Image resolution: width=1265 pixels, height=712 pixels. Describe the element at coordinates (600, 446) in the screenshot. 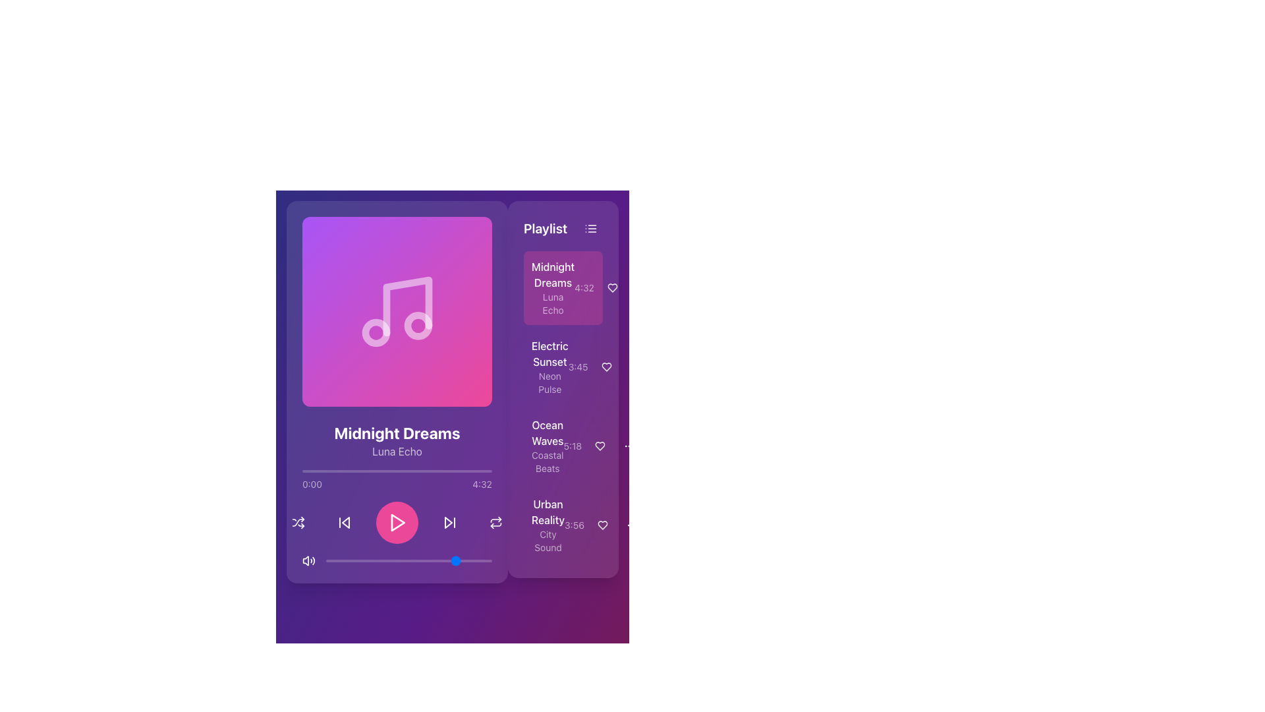

I see `the heart-shaped icon in the 'Playlist' section next to 'Ocean Waves - Coastal Beats' to mark it as a favorite` at that location.